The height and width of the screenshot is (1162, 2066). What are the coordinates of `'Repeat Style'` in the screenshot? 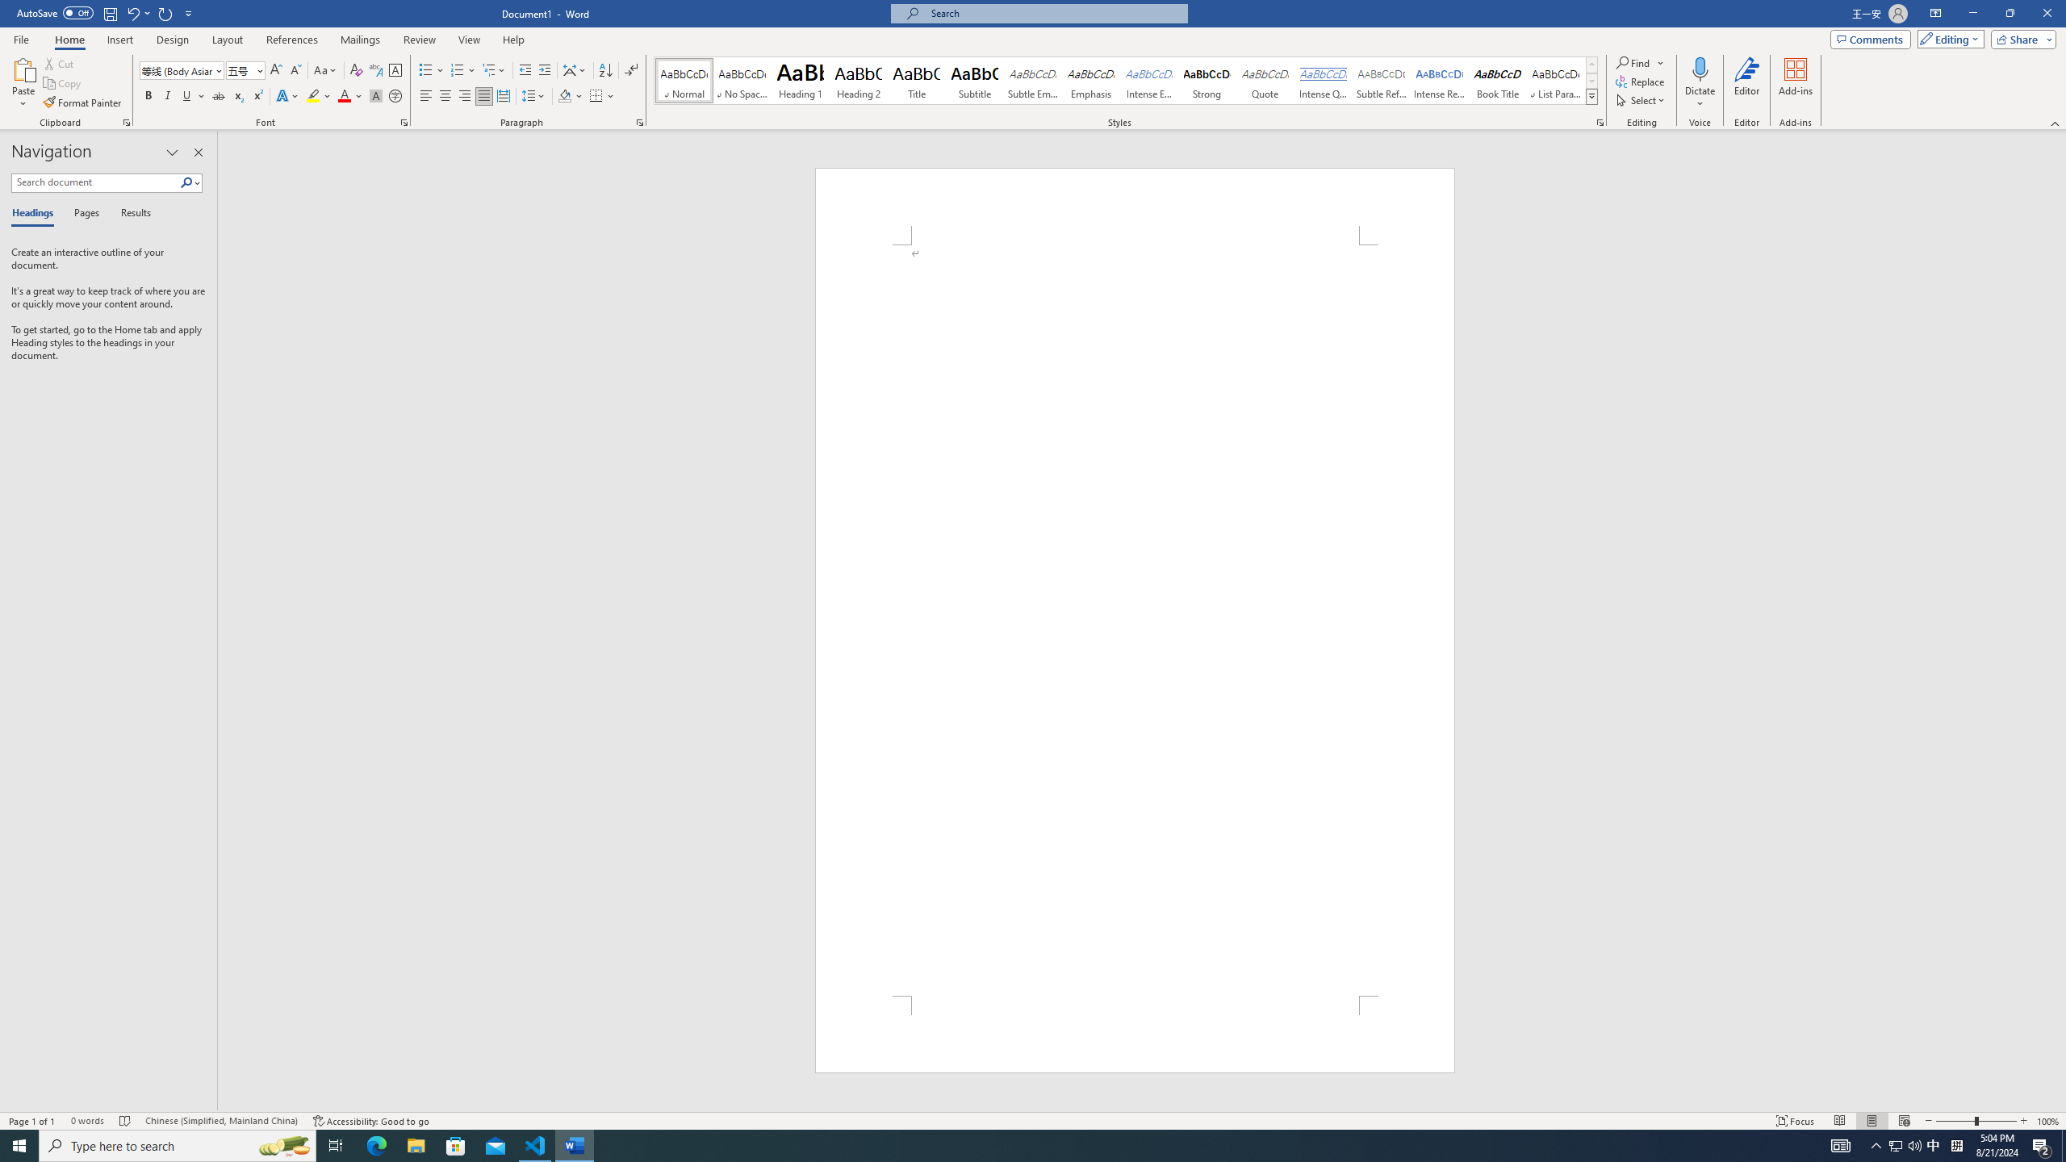 It's located at (165, 12).